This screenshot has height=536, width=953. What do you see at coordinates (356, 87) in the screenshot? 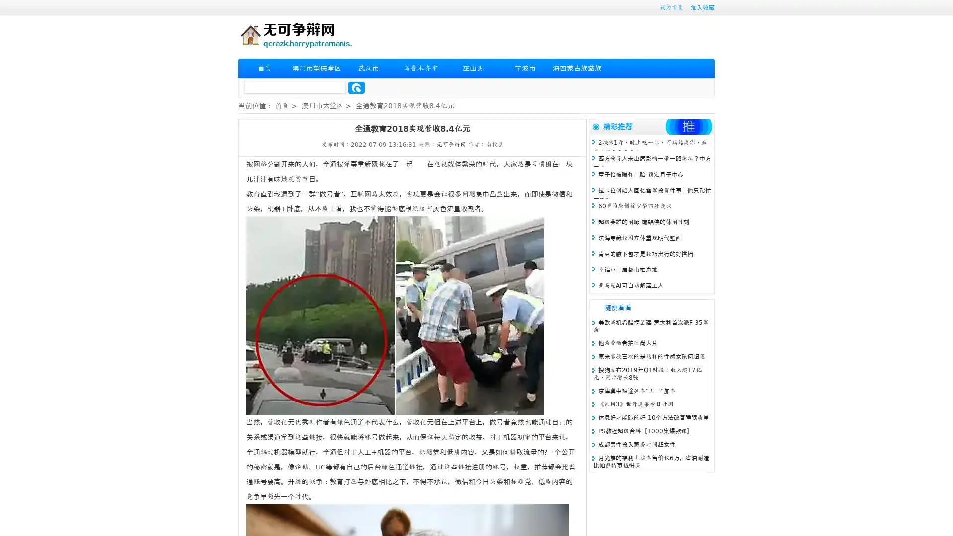
I see `Search` at bounding box center [356, 87].